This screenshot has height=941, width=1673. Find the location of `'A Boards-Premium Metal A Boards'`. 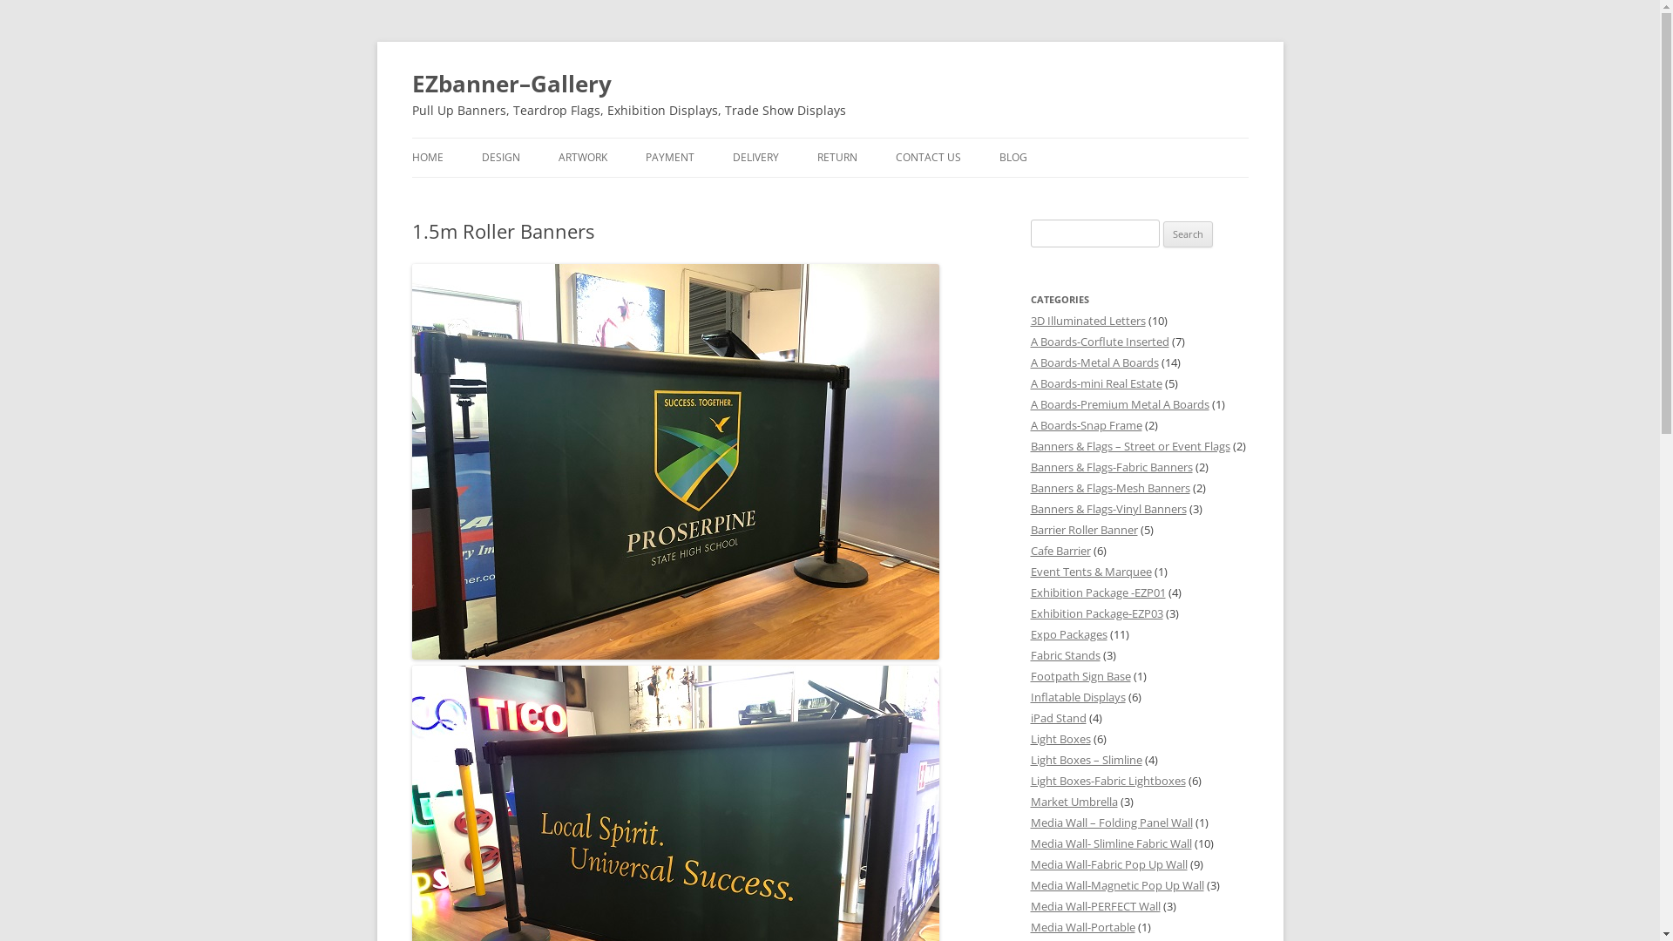

'A Boards-Premium Metal A Boards' is located at coordinates (1119, 403).